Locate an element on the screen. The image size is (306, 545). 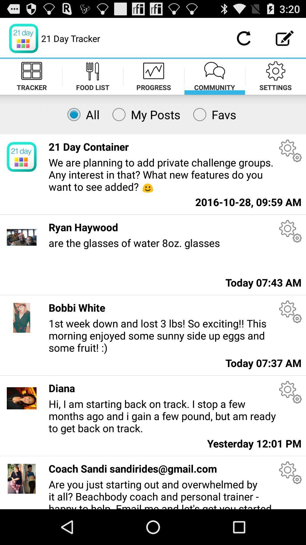
change settings is located at coordinates (290, 231).